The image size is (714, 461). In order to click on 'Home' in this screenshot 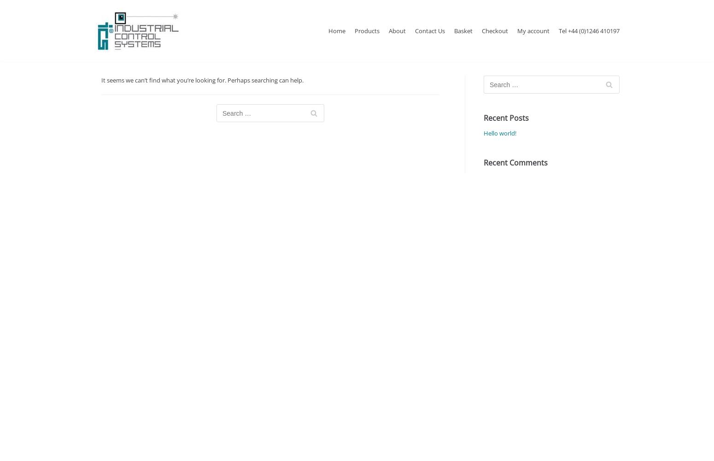, I will do `click(337, 30)`.